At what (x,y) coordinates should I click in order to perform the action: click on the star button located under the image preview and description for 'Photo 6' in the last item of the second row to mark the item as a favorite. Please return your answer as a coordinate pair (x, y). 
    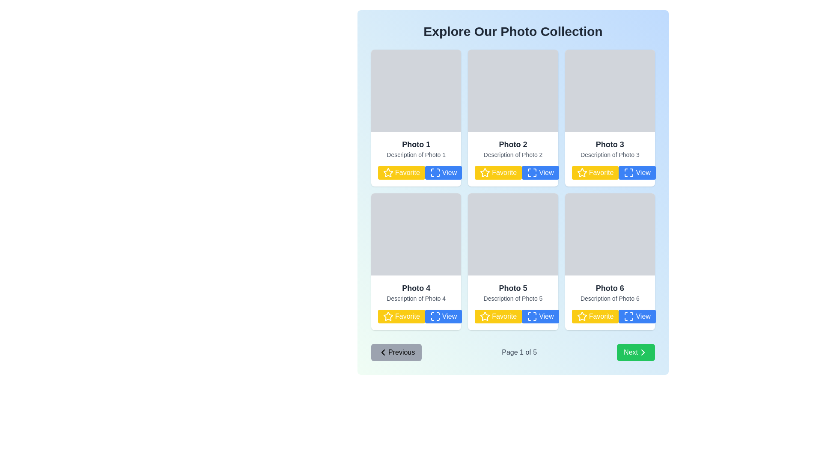
    Looking at the image, I should click on (582, 316).